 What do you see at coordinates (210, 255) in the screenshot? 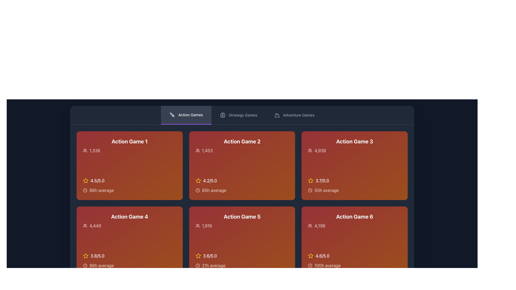
I see `the rating displayed as '3.6/5.0' in white font on a reddish-brown background, located beneath the user count on the card labeled 'Action Game 5.'` at bounding box center [210, 255].